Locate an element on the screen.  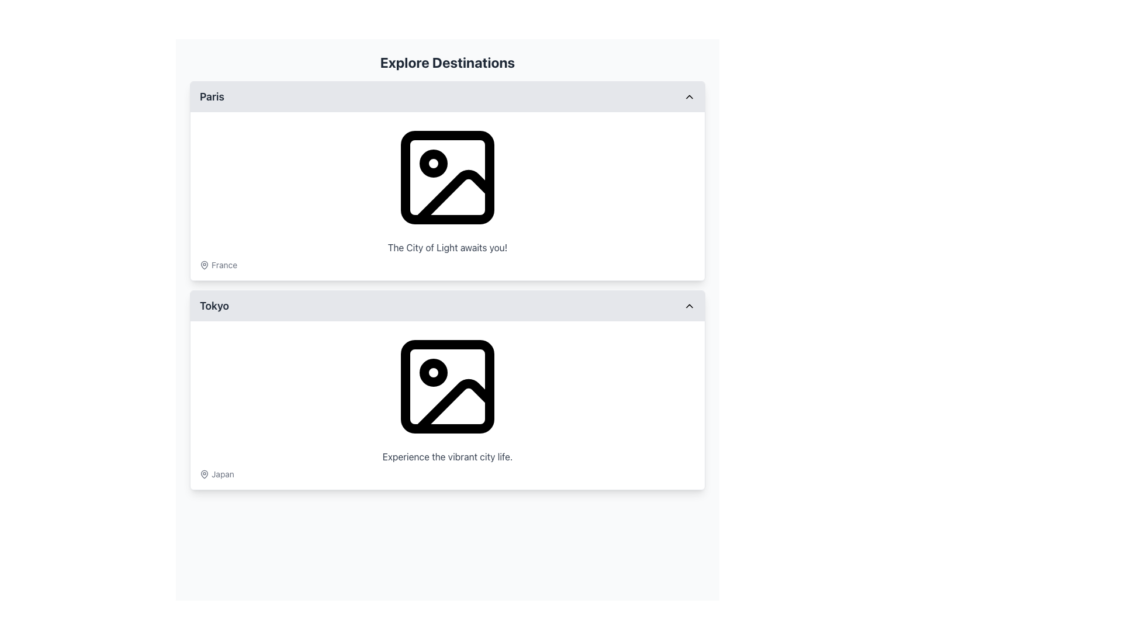
the upward-pointing chevron icon located at the far right side of the header bar of the 'Paris' section is located at coordinates (690, 96).